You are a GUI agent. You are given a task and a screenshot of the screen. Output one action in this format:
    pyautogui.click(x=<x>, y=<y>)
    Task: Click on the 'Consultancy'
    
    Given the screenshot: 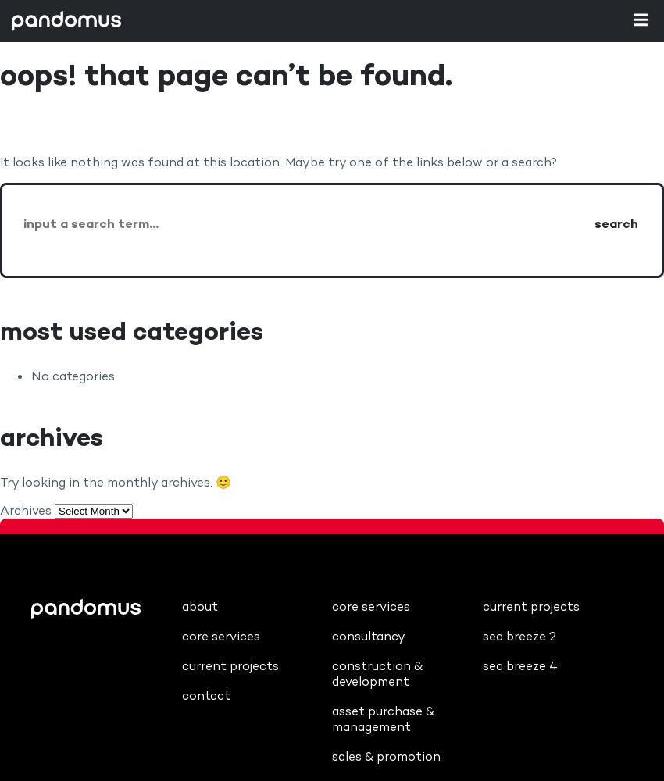 What is the action you would take?
    pyautogui.click(x=369, y=635)
    